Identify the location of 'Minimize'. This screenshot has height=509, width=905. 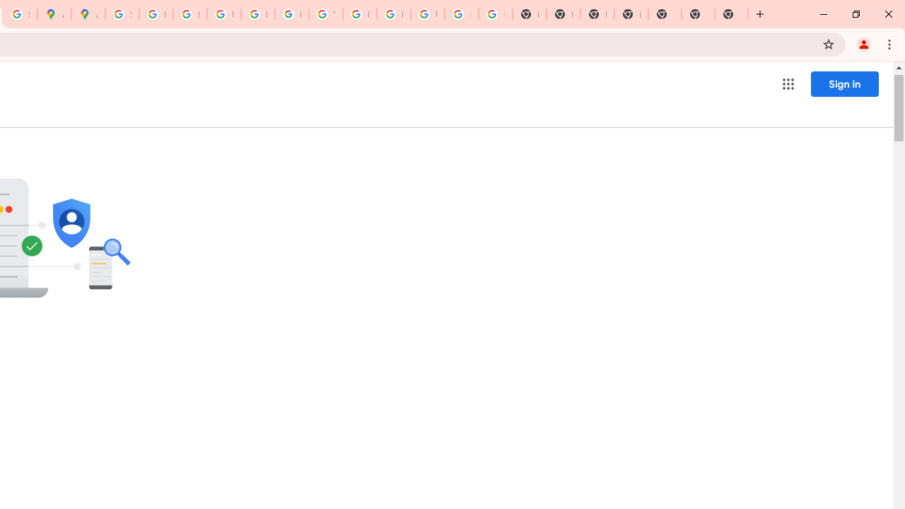
(824, 14).